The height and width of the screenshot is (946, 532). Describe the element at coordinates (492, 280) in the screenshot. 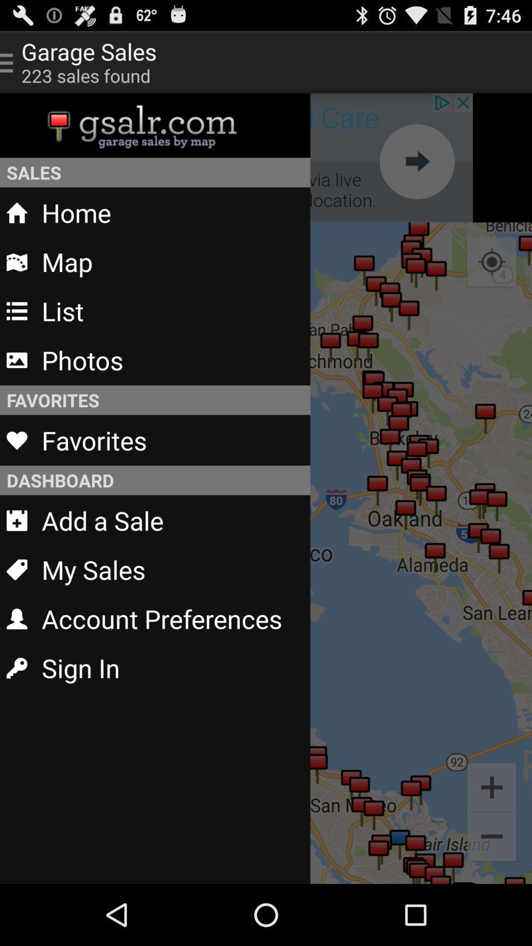

I see `the location_crosshair icon` at that location.